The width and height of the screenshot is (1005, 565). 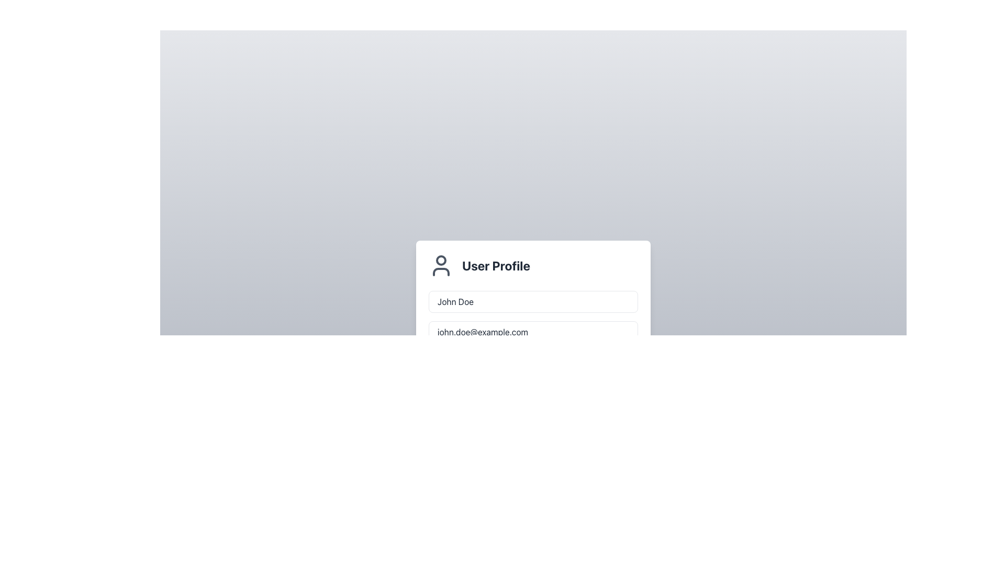 I want to click on the email input field to focus it, which is the second interactive component in a vertical stack, located below the 'John Doe' input field and above the 'Save Changes' button, so click(x=533, y=332).